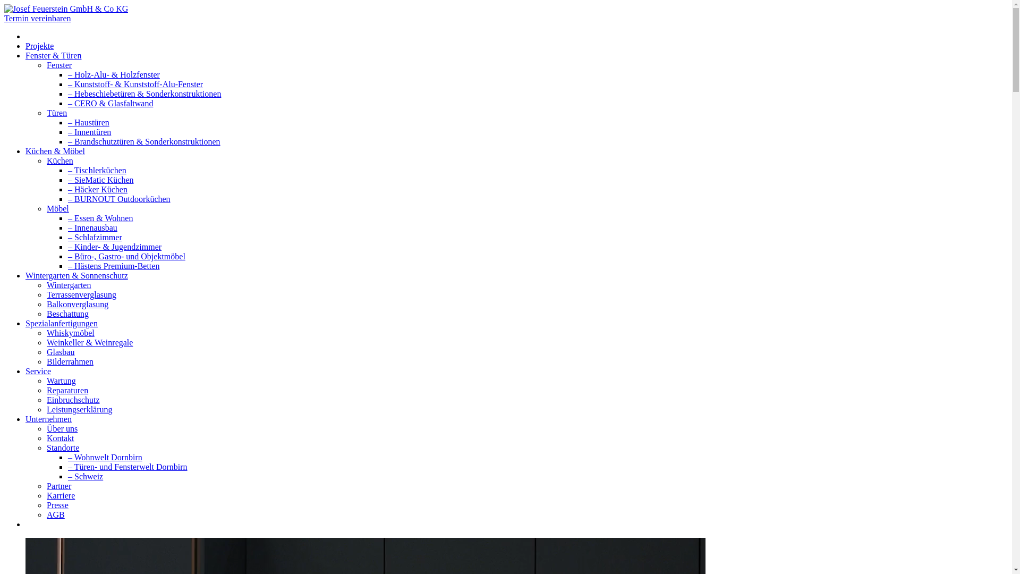  Describe the element at coordinates (46, 352) in the screenshot. I see `'Glasbau'` at that location.